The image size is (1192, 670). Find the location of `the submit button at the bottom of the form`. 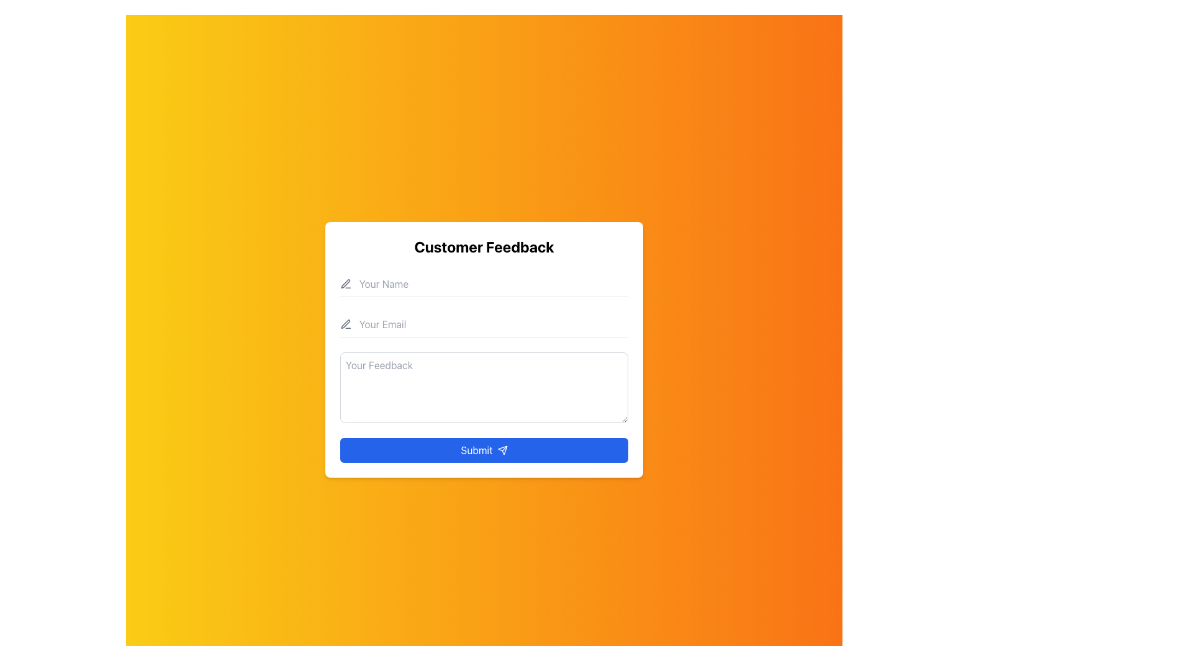

the submit button at the bottom of the form is located at coordinates (483, 450).